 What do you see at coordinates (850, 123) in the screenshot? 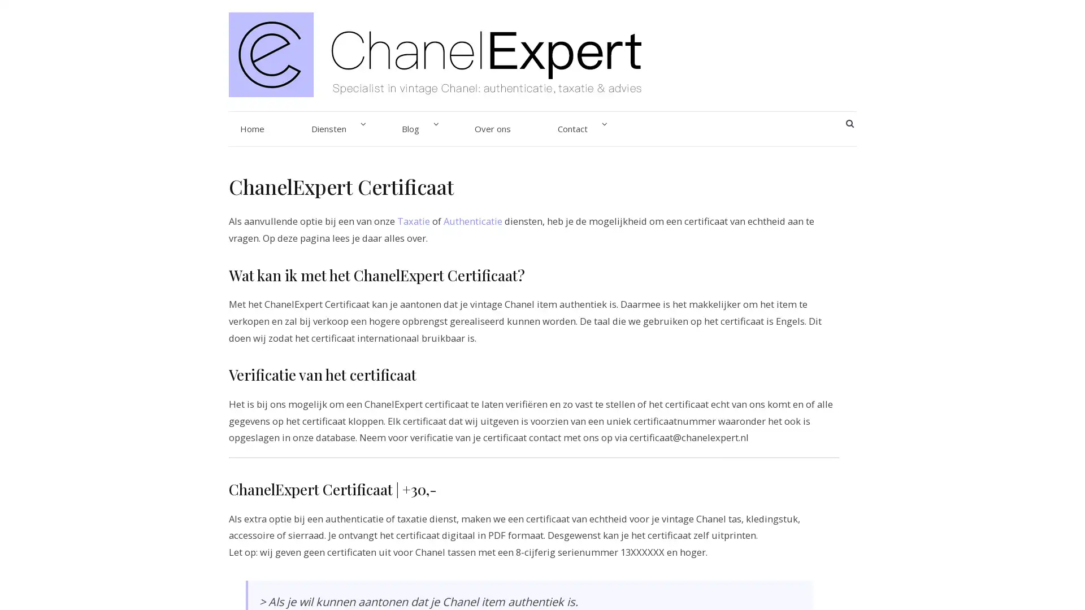
I see `SEARCH BUTTON` at bounding box center [850, 123].